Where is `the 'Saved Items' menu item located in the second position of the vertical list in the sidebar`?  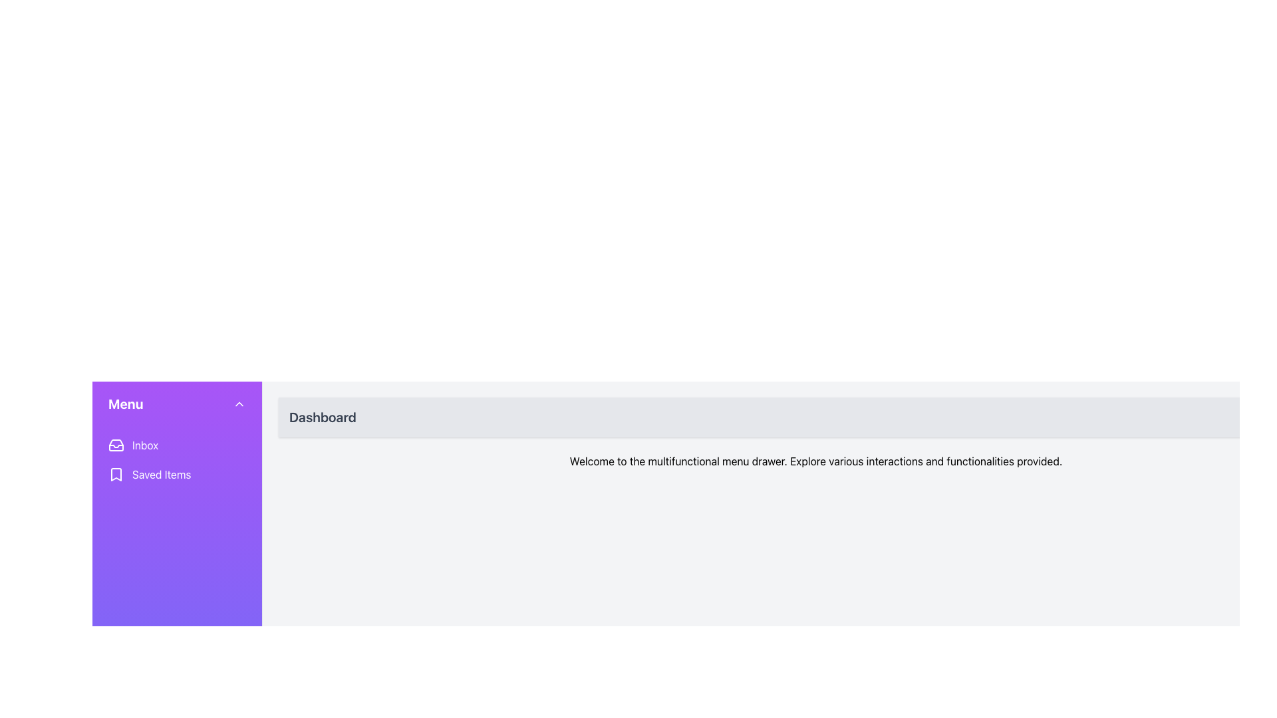 the 'Saved Items' menu item located in the second position of the vertical list in the sidebar is located at coordinates (176, 473).